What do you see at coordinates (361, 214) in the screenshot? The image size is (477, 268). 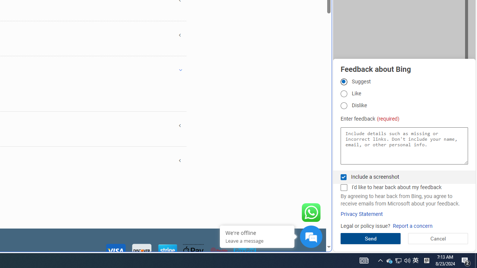 I see `'Privacy Statement'` at bounding box center [361, 214].